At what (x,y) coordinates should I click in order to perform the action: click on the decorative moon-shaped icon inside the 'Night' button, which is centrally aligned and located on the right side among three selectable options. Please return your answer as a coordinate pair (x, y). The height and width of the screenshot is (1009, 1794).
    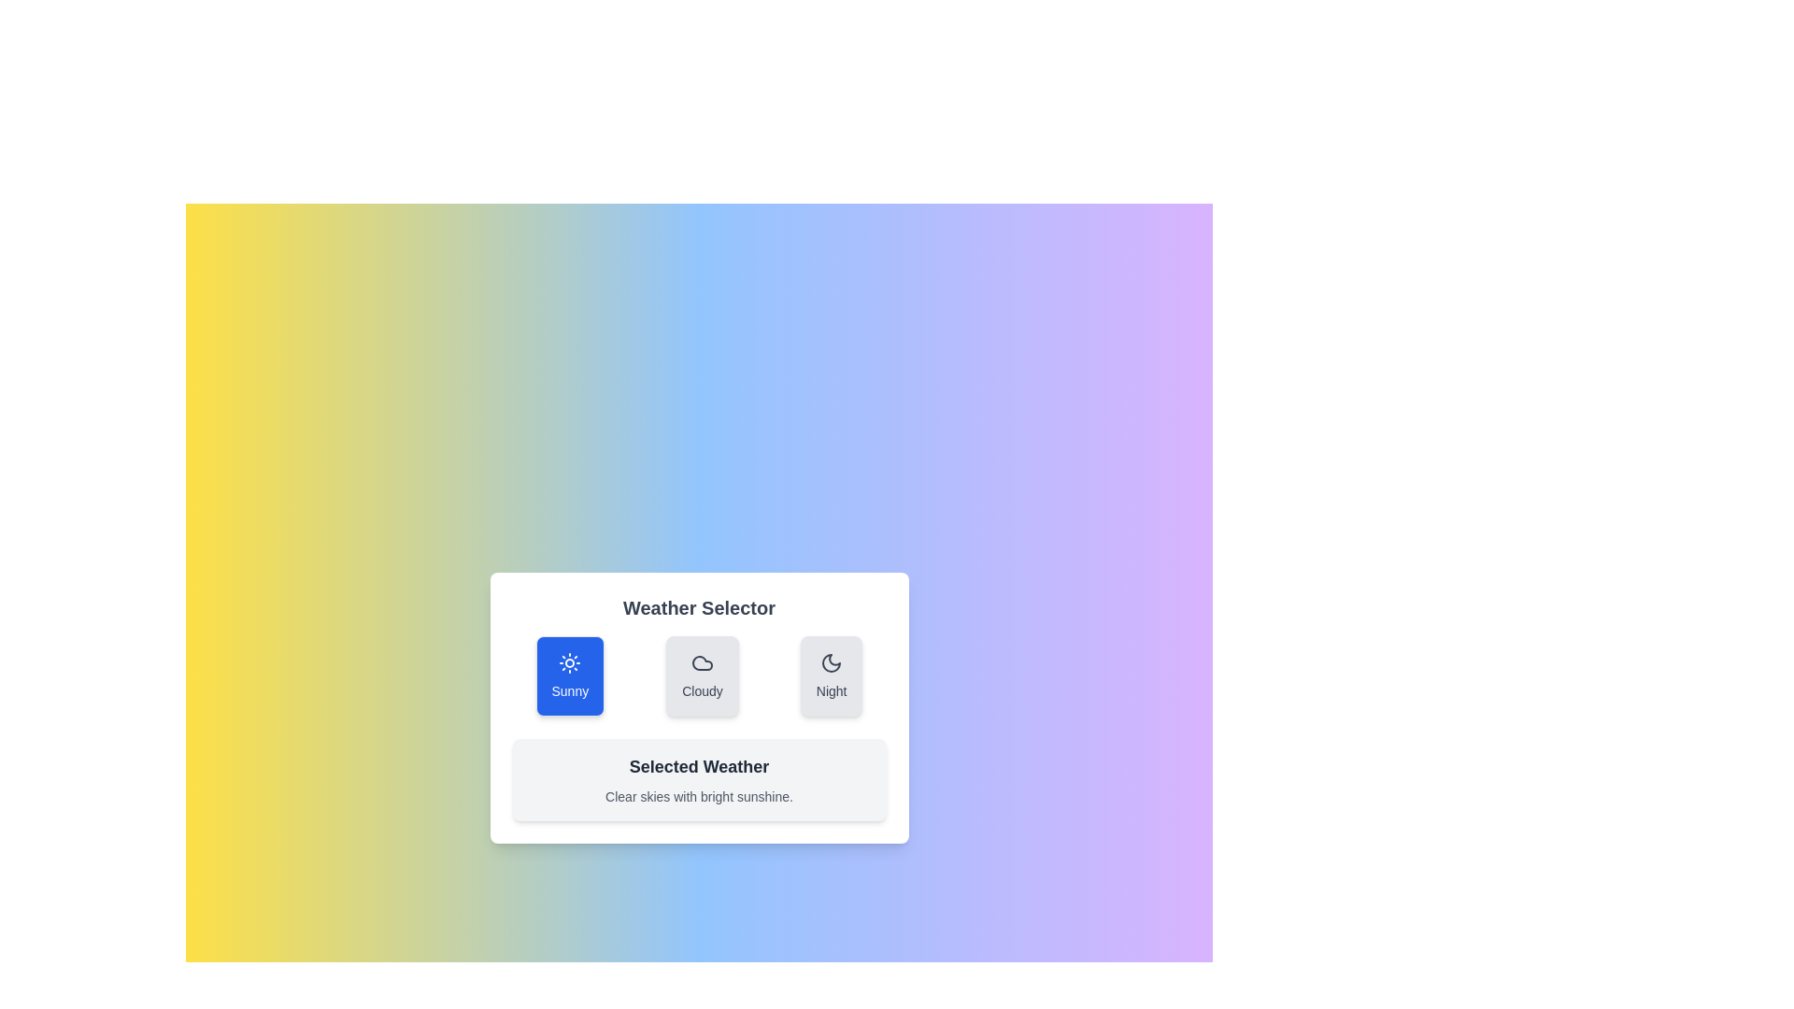
    Looking at the image, I should click on (831, 661).